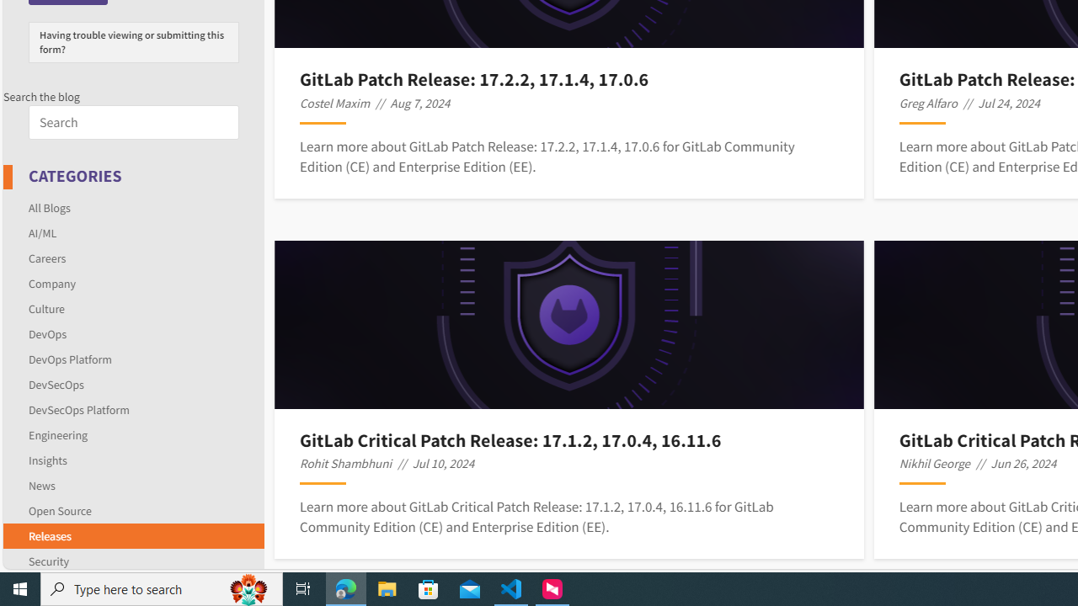  Describe the element at coordinates (568, 79) in the screenshot. I see `'GitLab Patch Release: 17.2.2, 17.1.4, 17.0.6'` at that location.